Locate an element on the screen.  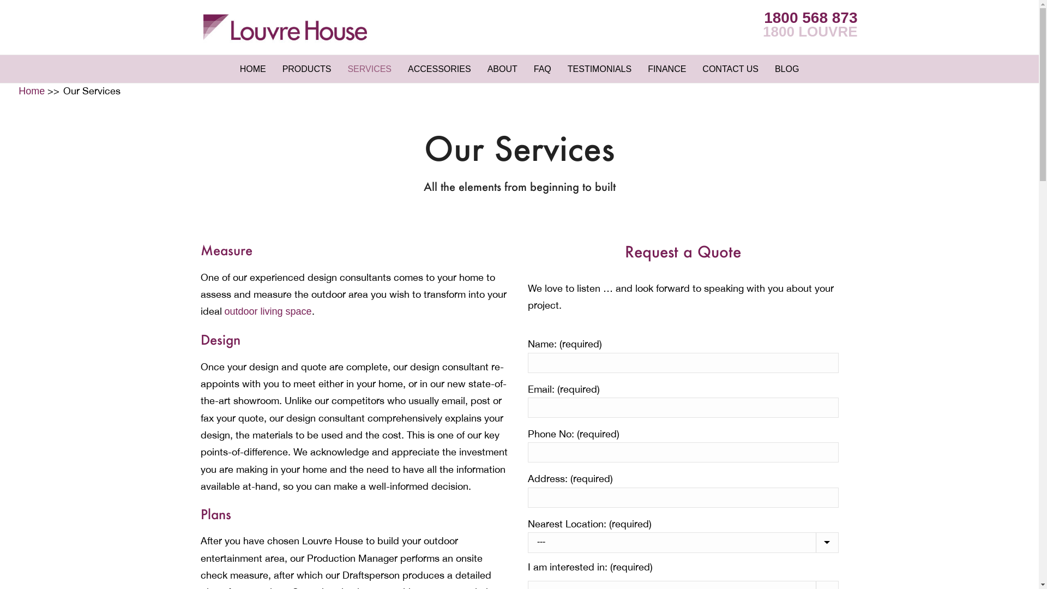
'1800 568 873 is located at coordinates (810, 25).